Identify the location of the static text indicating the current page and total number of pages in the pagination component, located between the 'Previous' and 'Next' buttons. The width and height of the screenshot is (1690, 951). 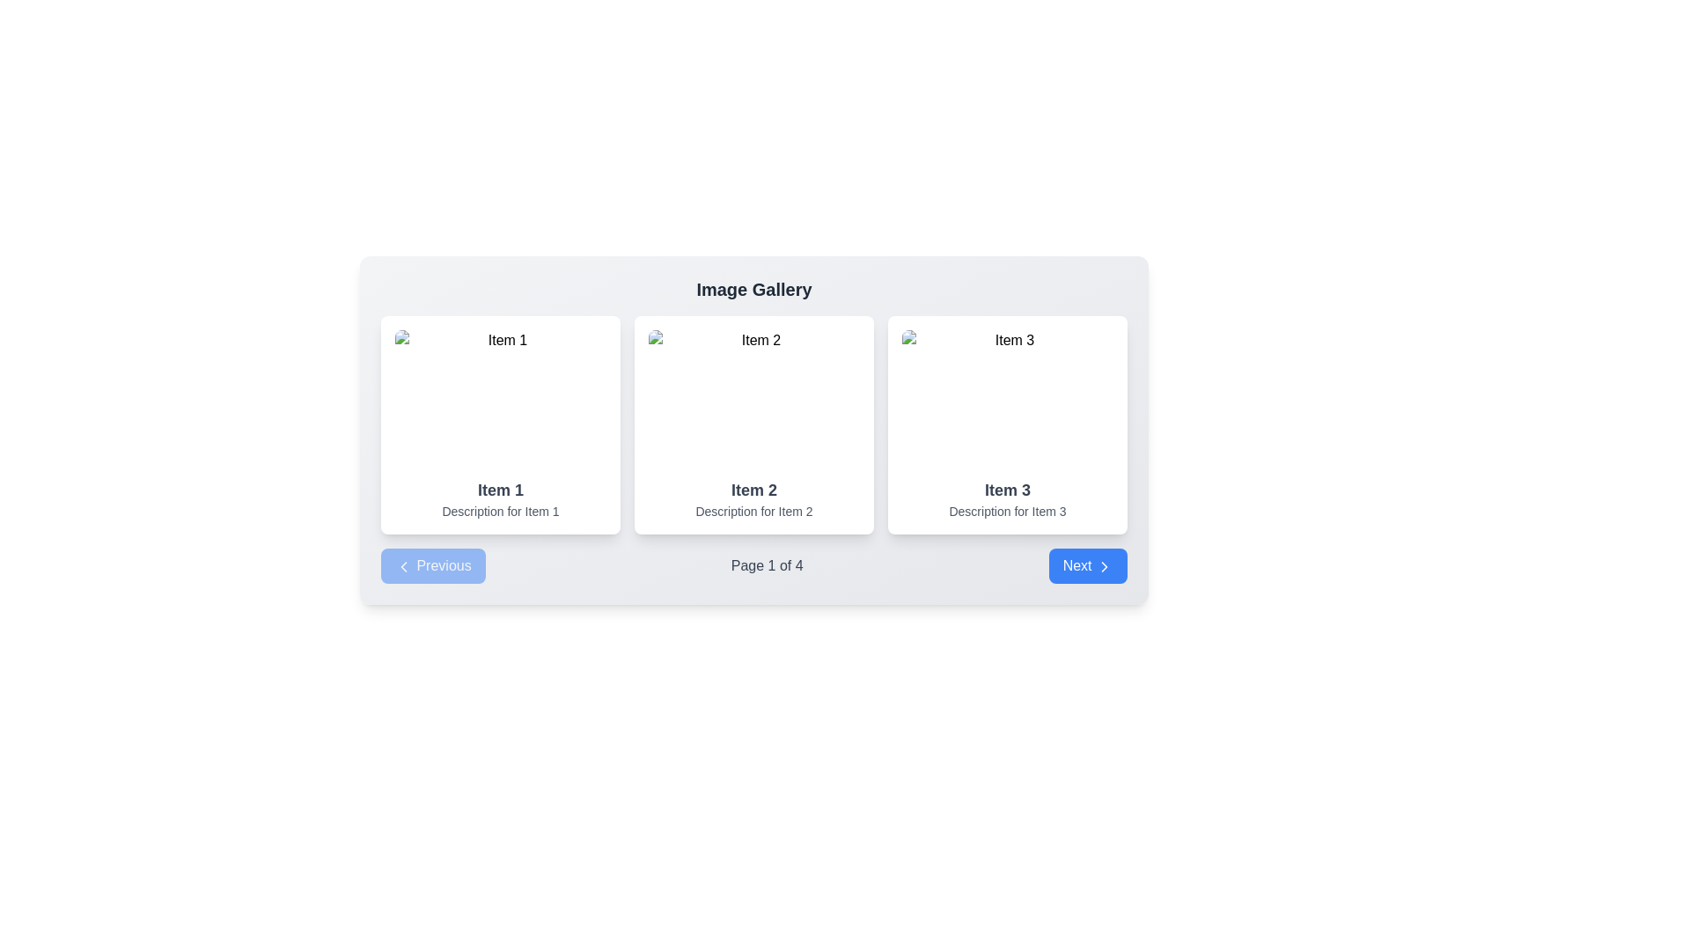
(767, 566).